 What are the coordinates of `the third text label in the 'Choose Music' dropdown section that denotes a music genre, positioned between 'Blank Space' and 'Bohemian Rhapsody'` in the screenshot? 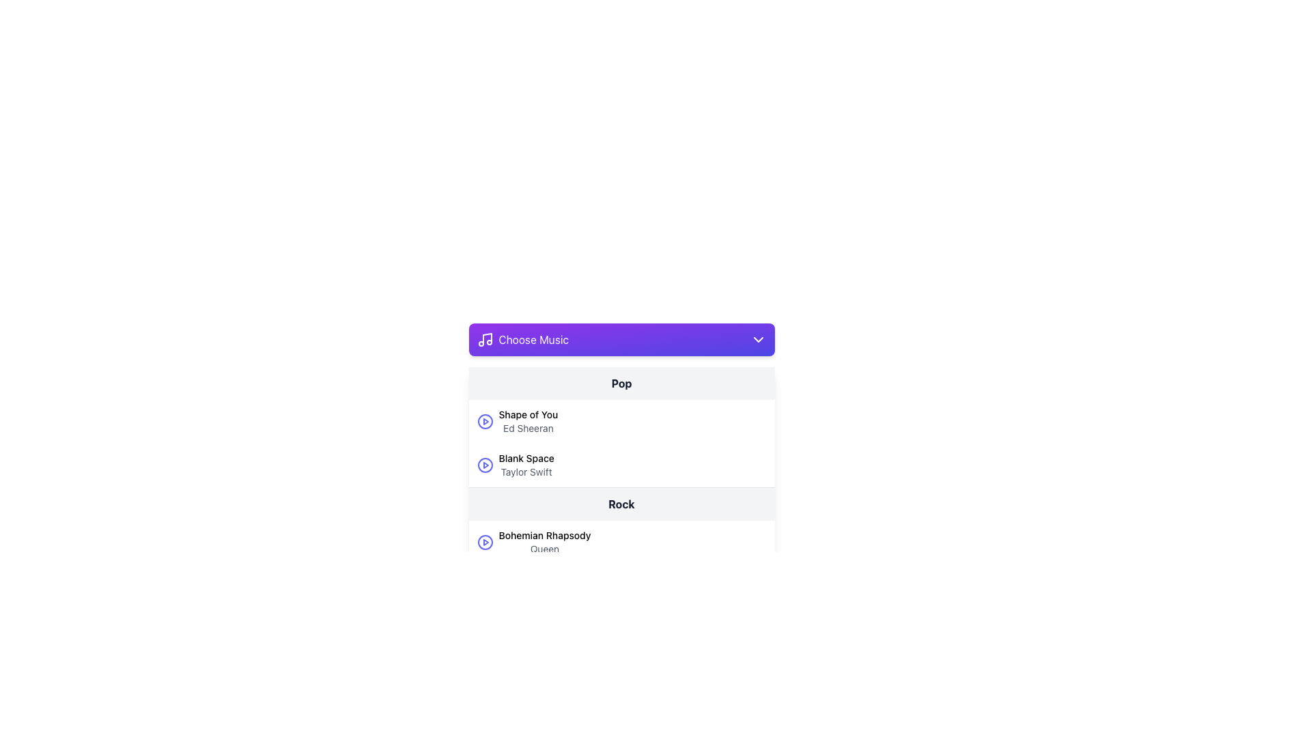 It's located at (621, 504).